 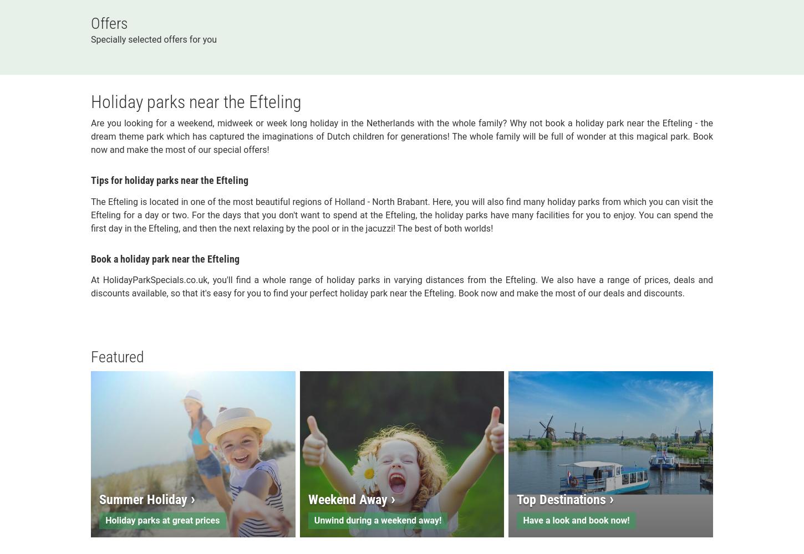 What do you see at coordinates (169, 179) in the screenshot?
I see `'Tips for holiday parks near the Efteling'` at bounding box center [169, 179].